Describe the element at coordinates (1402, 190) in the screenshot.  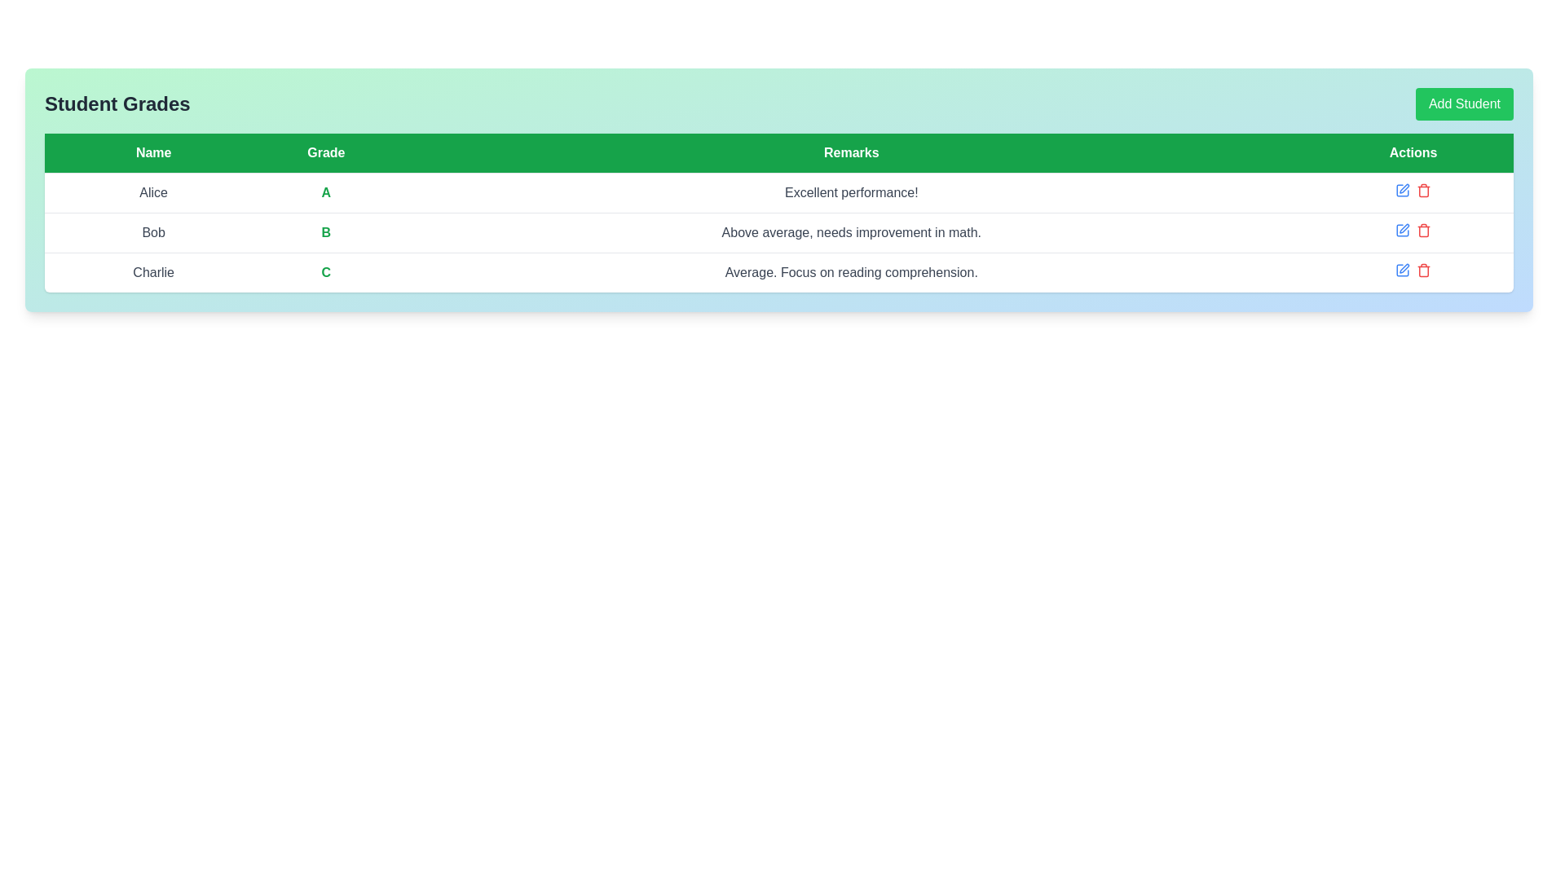
I see `the edit icon represented by a square with a pen symbol in the 'Actions' column for the student Alice` at that location.